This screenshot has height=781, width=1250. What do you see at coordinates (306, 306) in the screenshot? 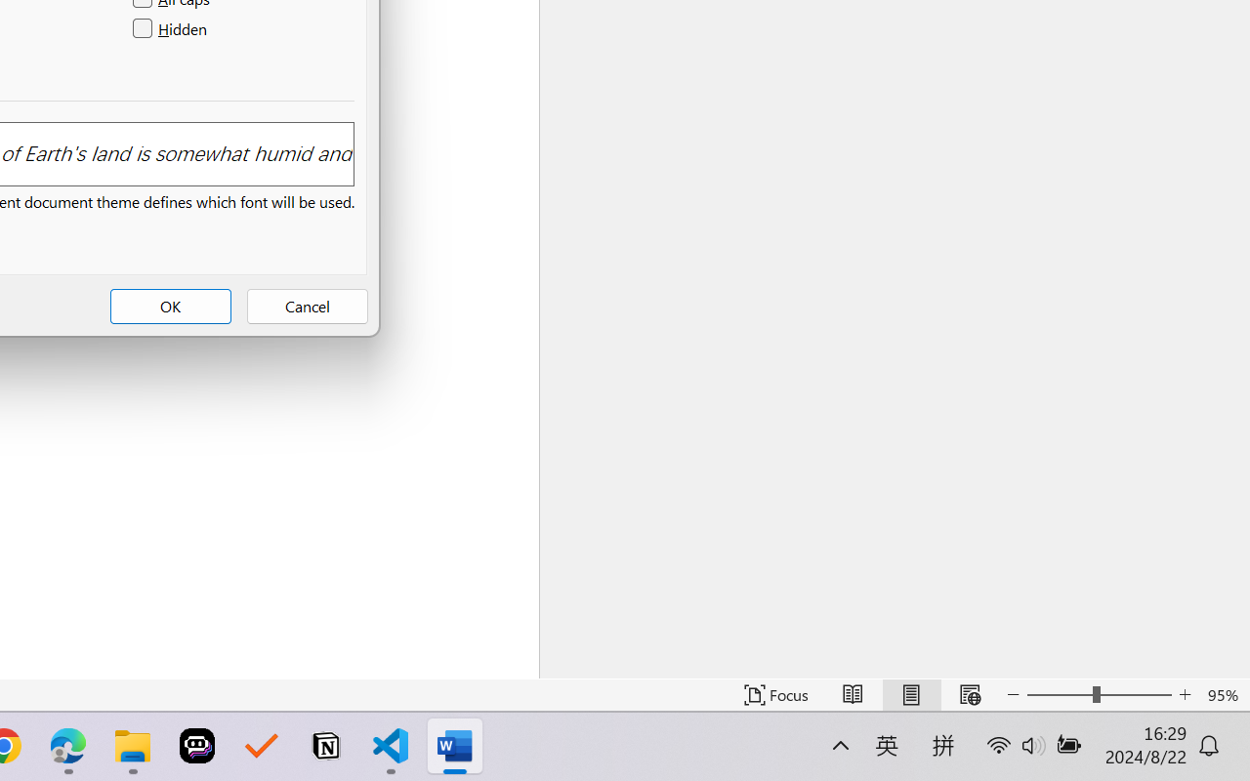
I see `'Cancel'` at bounding box center [306, 306].